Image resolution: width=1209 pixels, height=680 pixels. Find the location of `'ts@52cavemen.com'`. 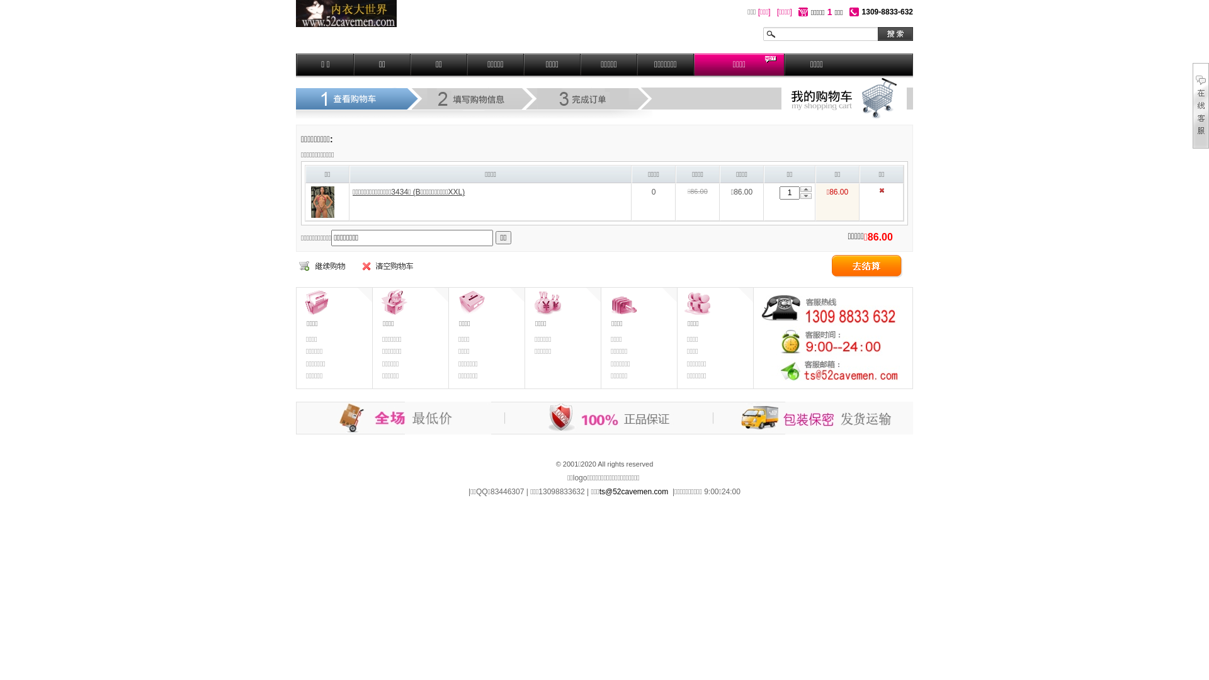

'ts@52cavemen.com' is located at coordinates (598, 490).